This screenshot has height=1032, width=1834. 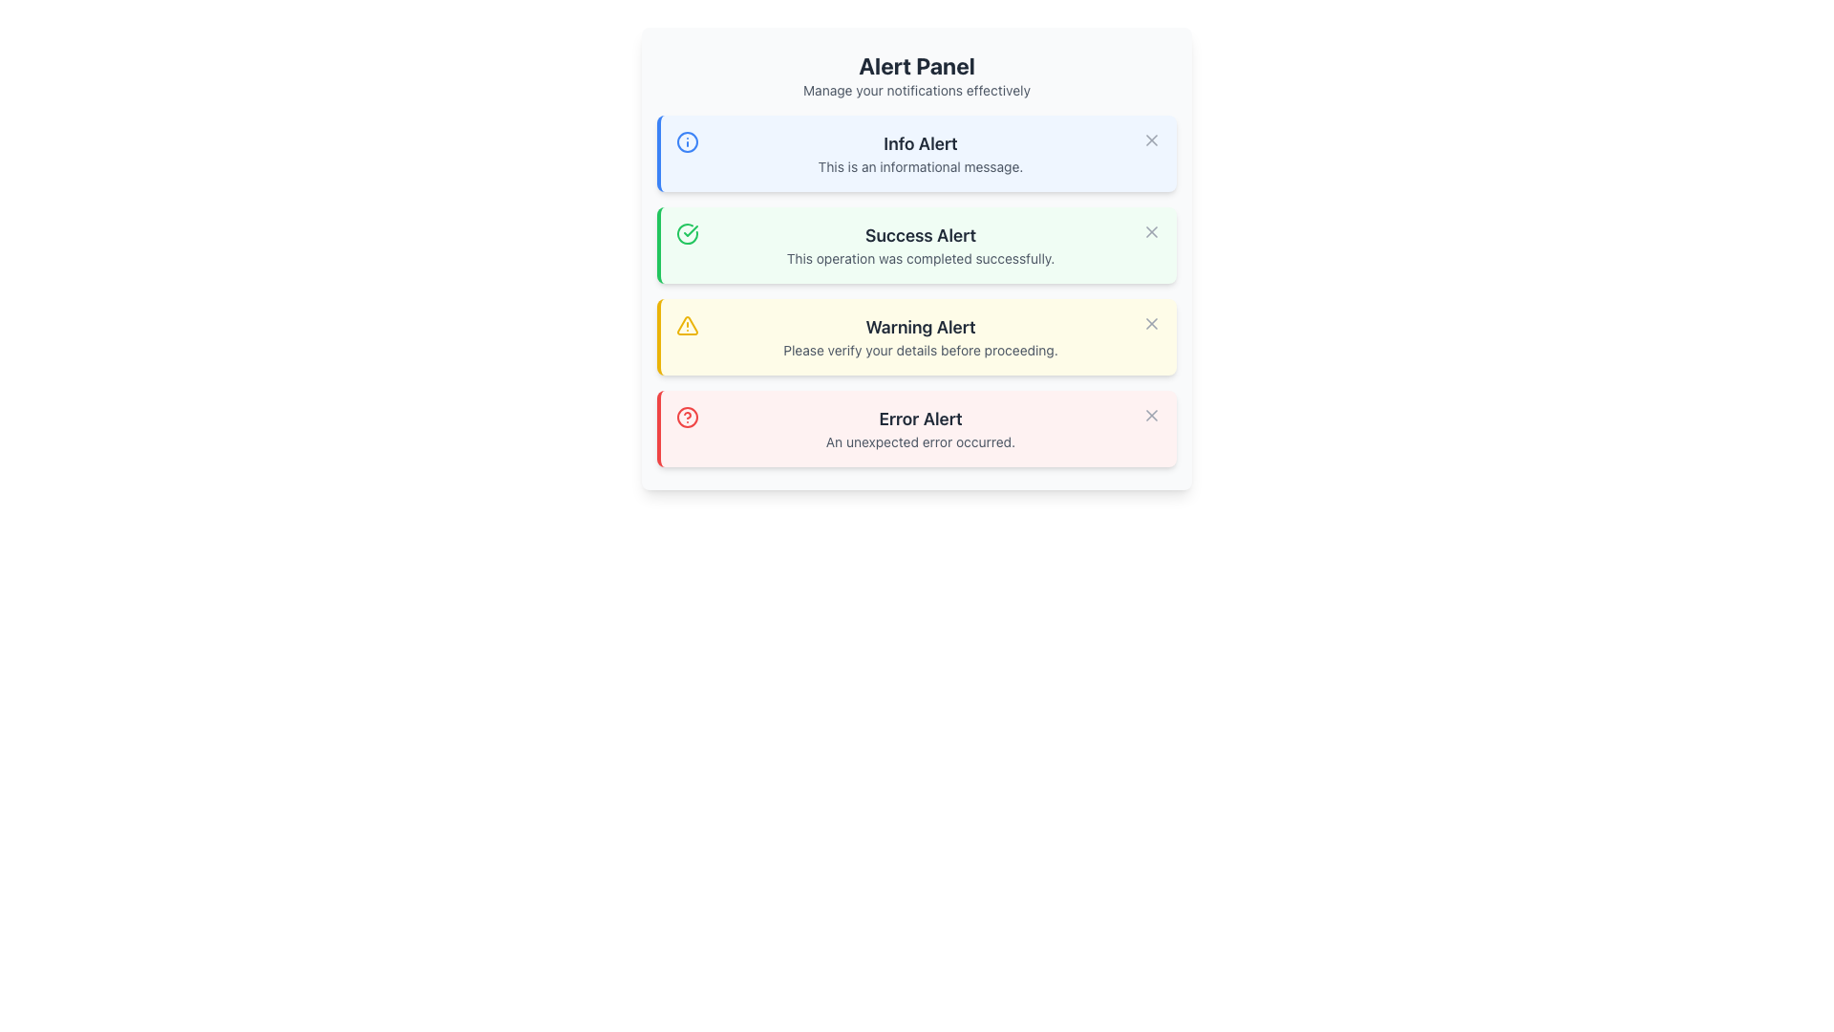 What do you see at coordinates (921, 336) in the screenshot?
I see `warning message from the Text-based informational alert component that features a bold yellow exclamation icon and displays 'Warning Alert' in large, bold, dark gray text followed by 'Please verify your details before proceeding.' in smaller, light gray text` at bounding box center [921, 336].